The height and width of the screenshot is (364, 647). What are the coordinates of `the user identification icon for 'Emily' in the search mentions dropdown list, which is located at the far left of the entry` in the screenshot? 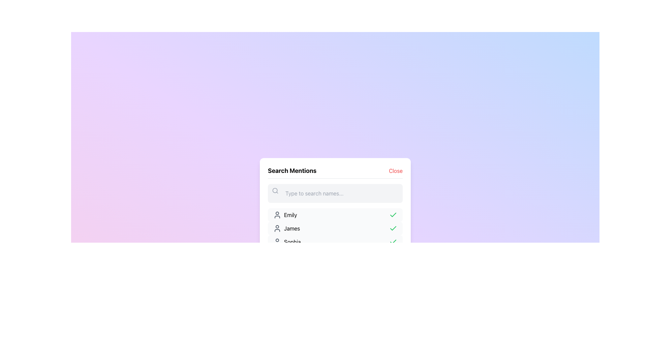 It's located at (277, 215).